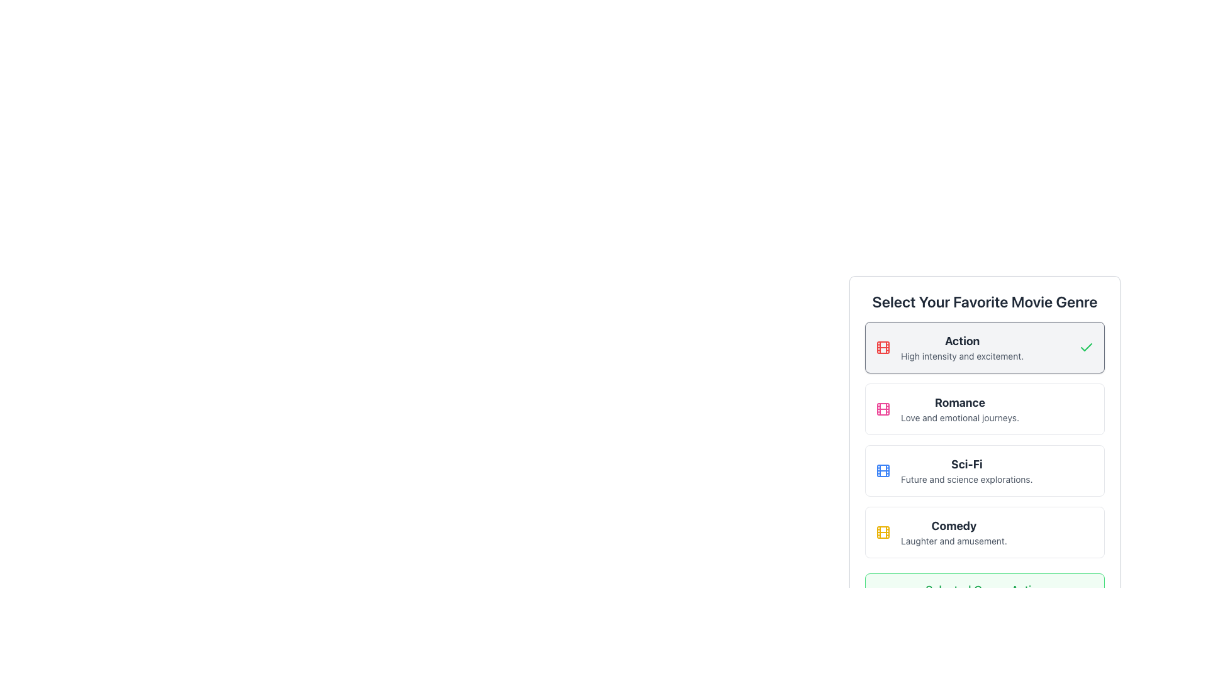 The height and width of the screenshot is (679, 1208). I want to click on the SVG rectangle element that is part of the pink-colored film reel icon, located at the top of the vertical list next to the 'Action' genre text, so click(882, 409).